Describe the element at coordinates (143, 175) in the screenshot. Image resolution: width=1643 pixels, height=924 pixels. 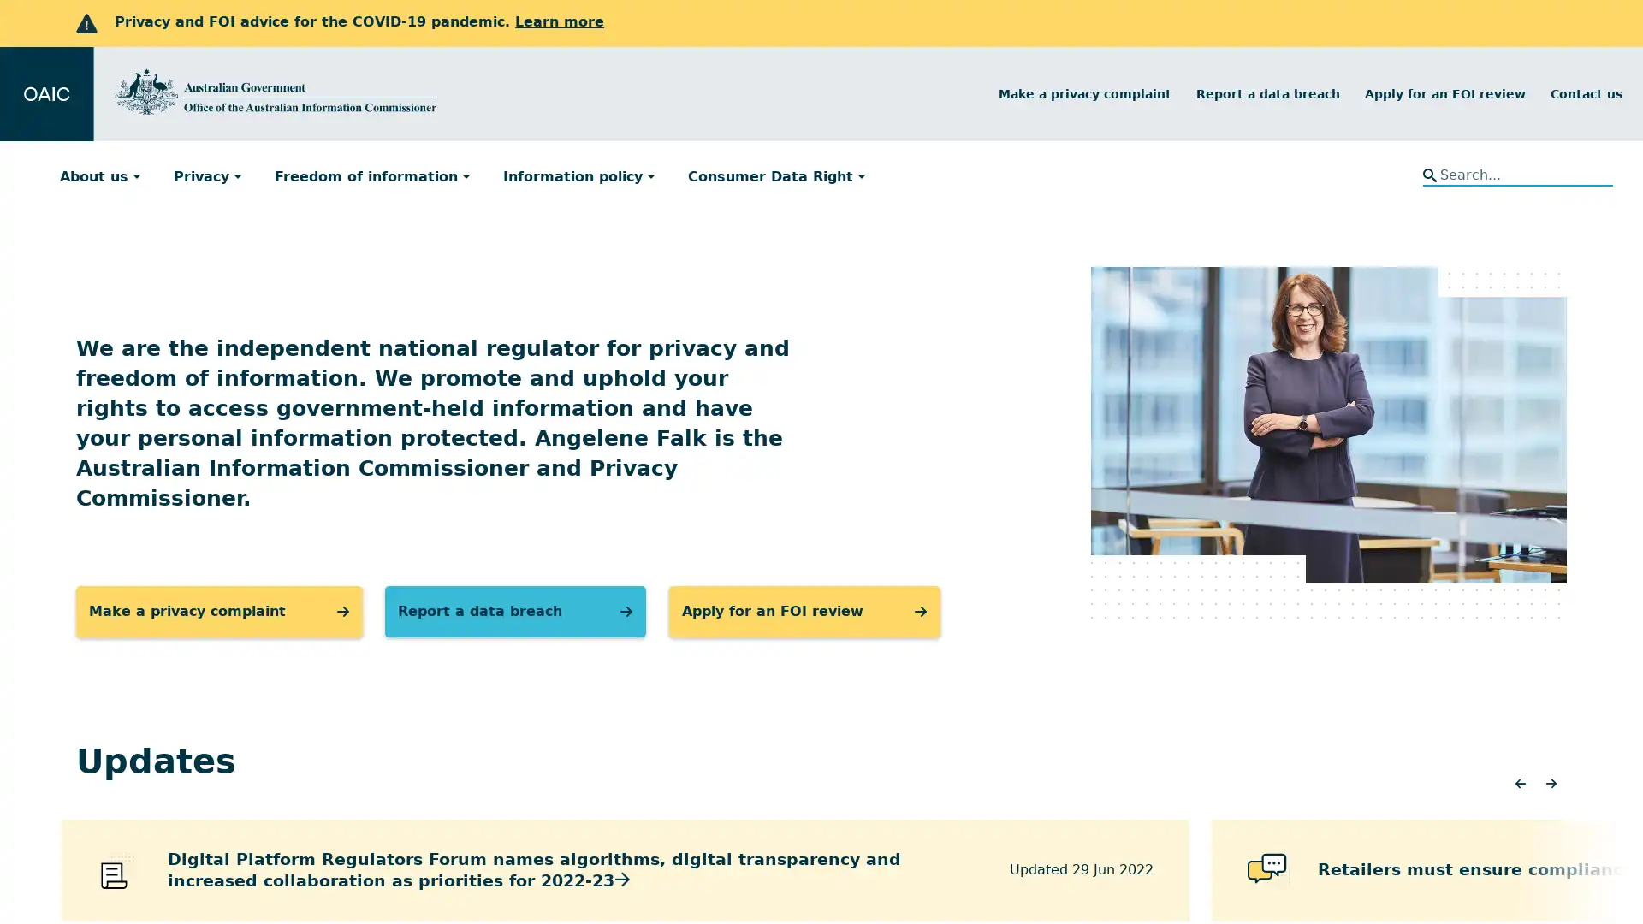
I see `Open sub menu for About us` at that location.